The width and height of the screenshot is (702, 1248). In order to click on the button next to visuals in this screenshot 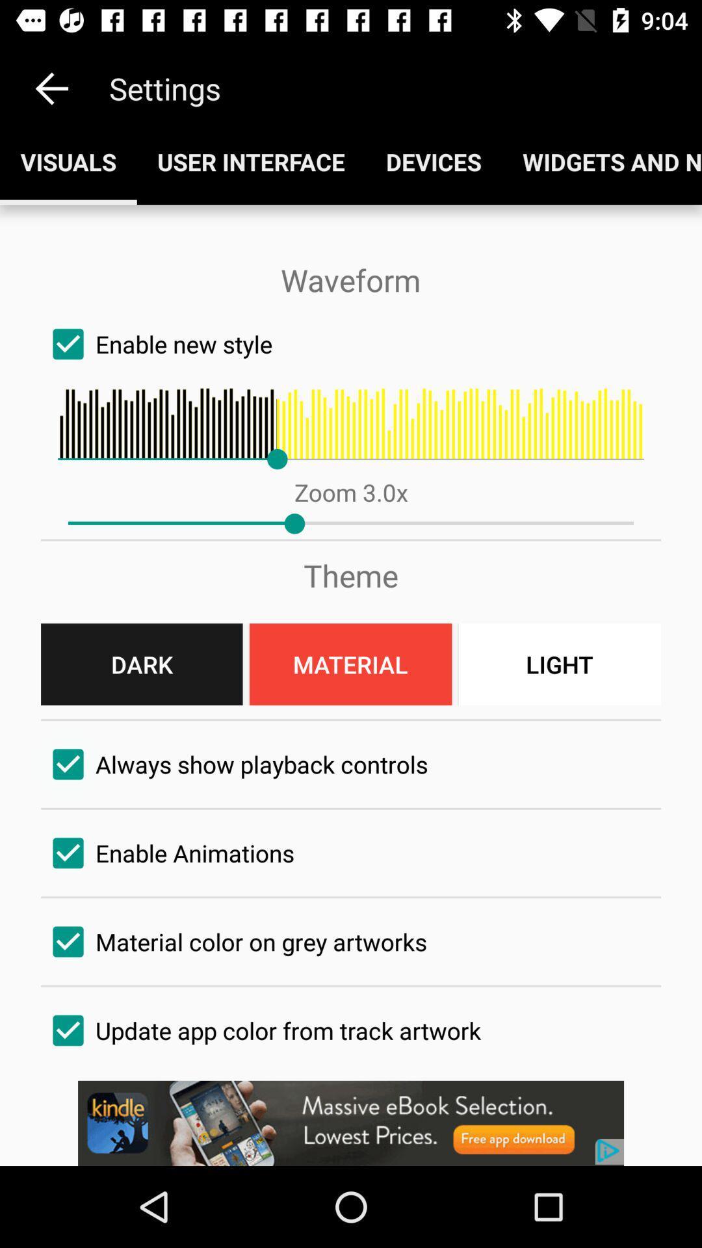, I will do `click(251, 161)`.